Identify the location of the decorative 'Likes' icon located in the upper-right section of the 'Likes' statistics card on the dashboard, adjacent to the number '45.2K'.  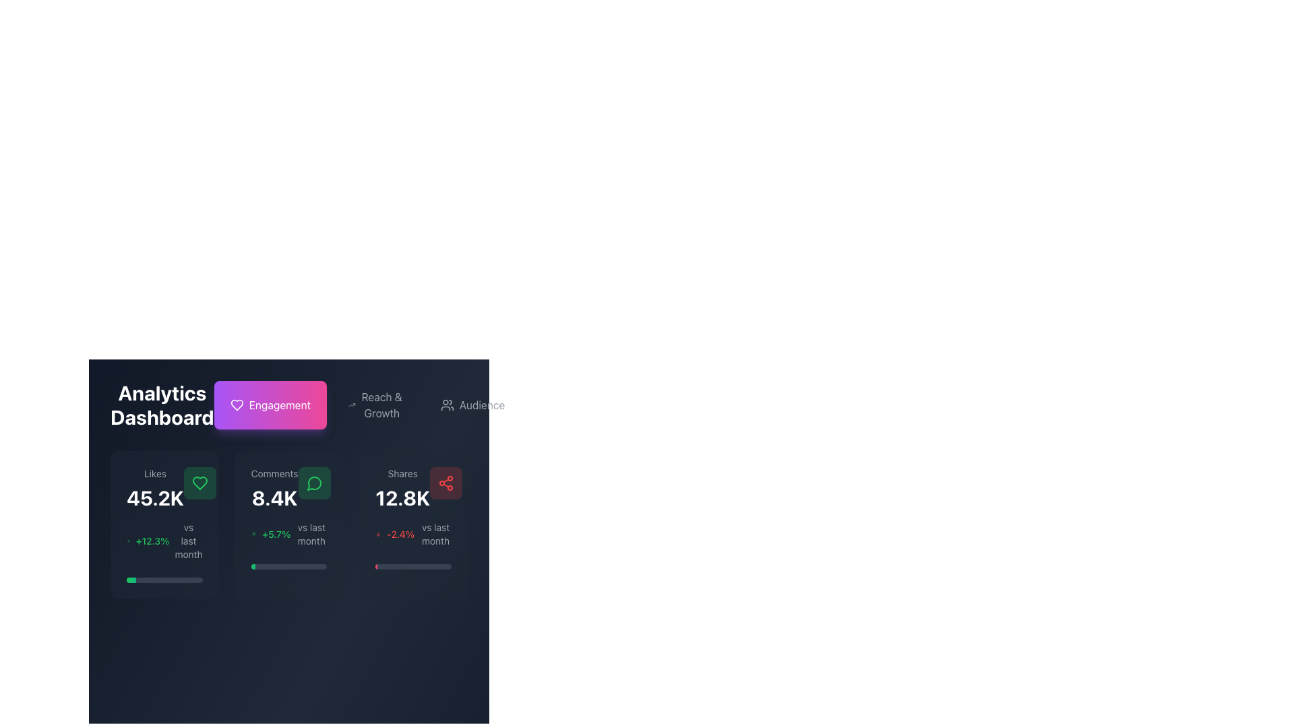
(199, 482).